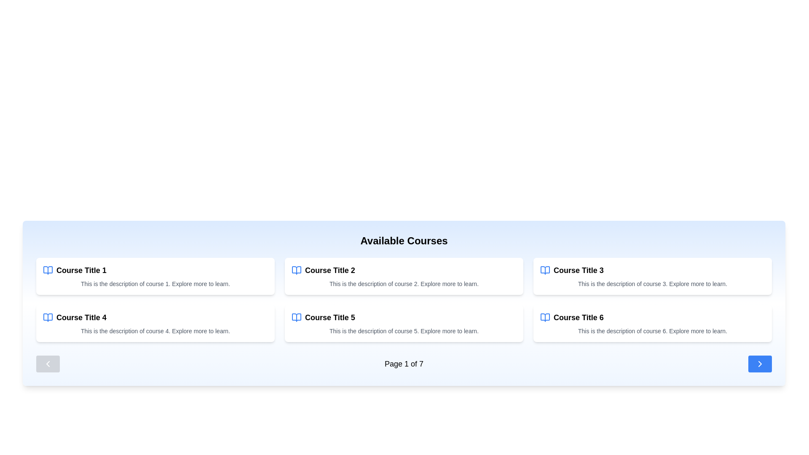  What do you see at coordinates (652, 323) in the screenshot?
I see `the informational card located in the second row and third column of the grid layout` at bounding box center [652, 323].